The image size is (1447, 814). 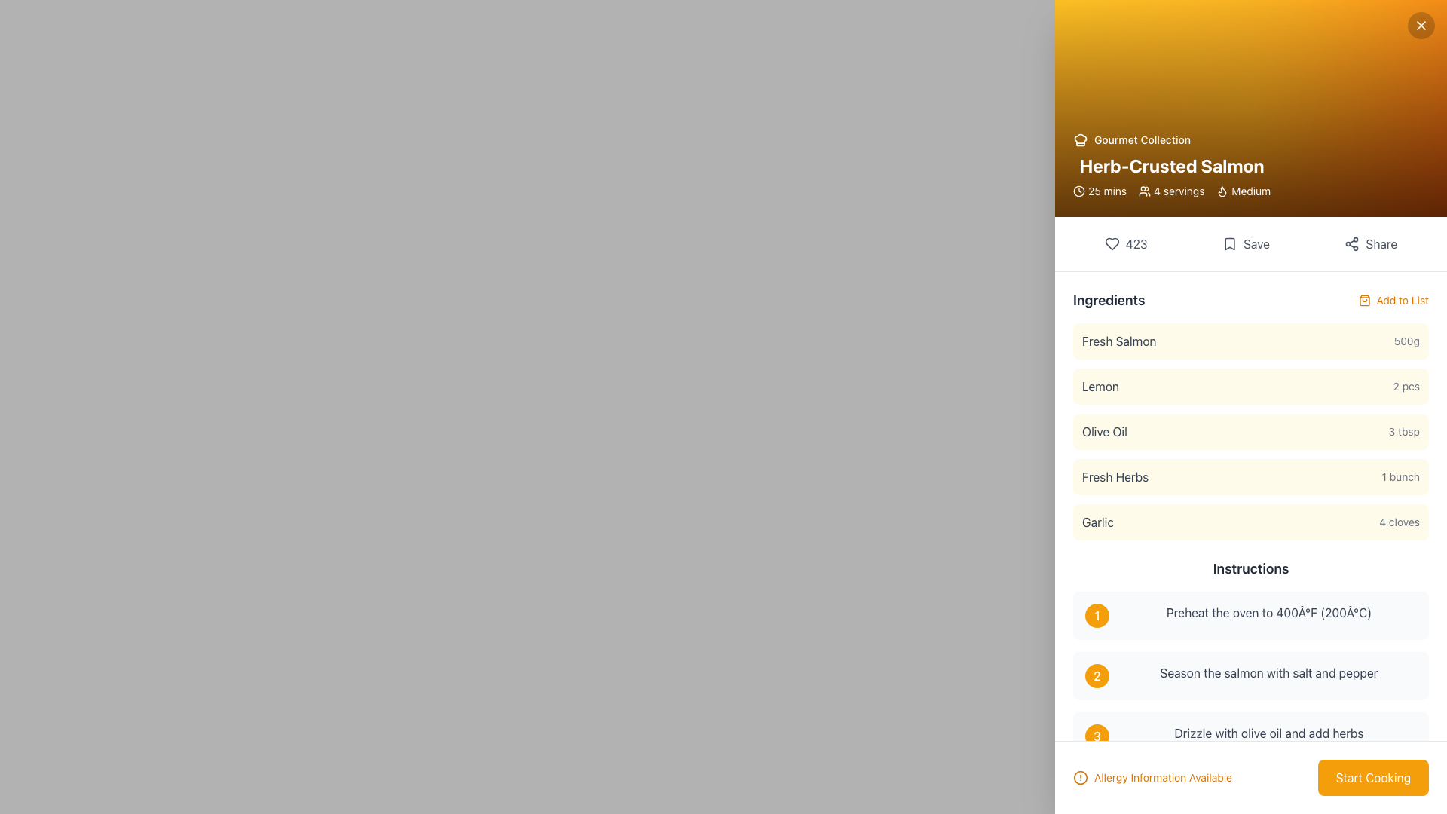 What do you see at coordinates (1244, 191) in the screenshot?
I see `the 'Medium' difficulty level label, which is the third item in a horizontal row of recipe details located near the top-right quadrant of the interface` at bounding box center [1244, 191].